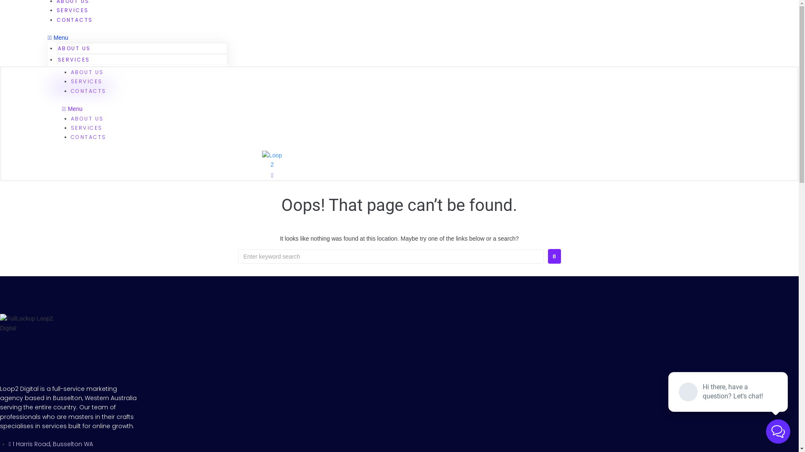  What do you see at coordinates (73, 10) in the screenshot?
I see `'SERVICES'` at bounding box center [73, 10].